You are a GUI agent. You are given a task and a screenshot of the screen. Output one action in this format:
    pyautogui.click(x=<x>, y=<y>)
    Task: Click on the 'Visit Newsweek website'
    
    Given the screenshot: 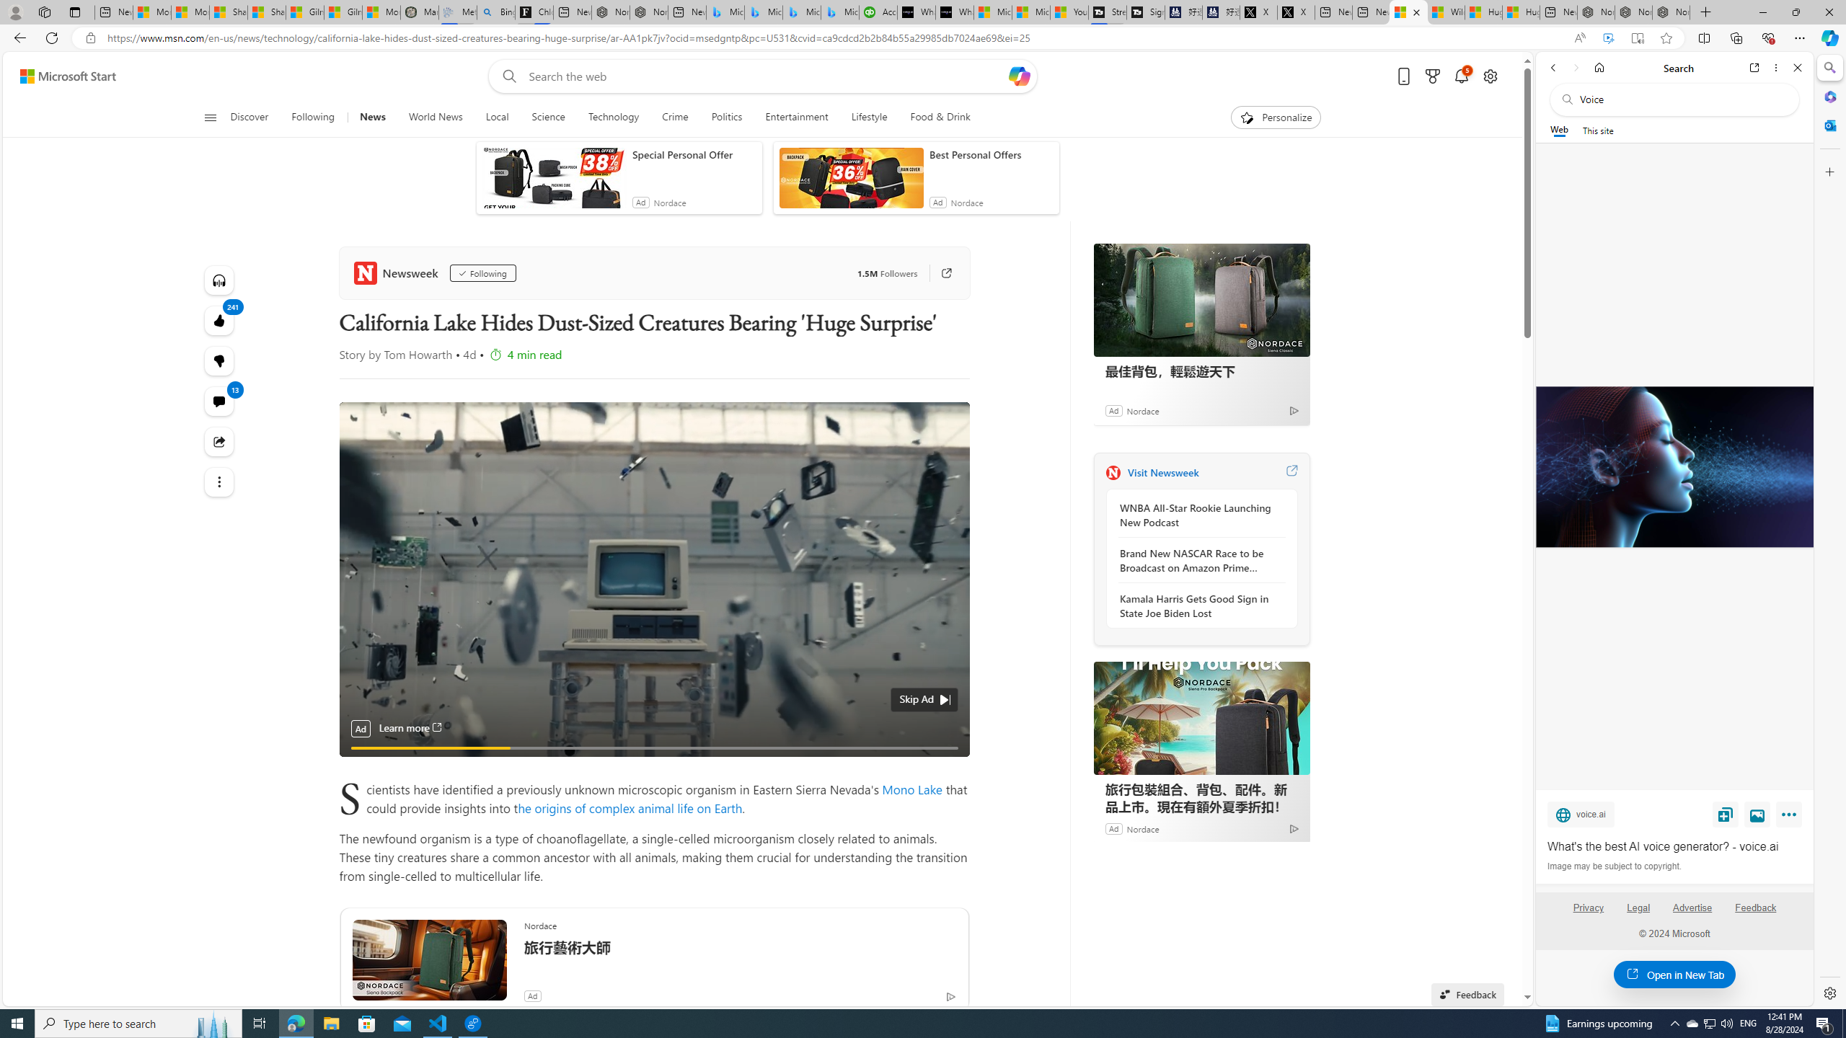 What is the action you would take?
    pyautogui.click(x=1290, y=471)
    